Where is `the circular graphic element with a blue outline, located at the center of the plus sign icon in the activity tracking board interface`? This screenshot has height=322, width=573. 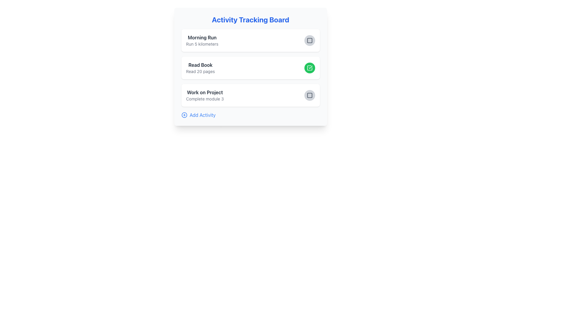 the circular graphic element with a blue outline, located at the center of the plus sign icon in the activity tracking board interface is located at coordinates (184, 115).